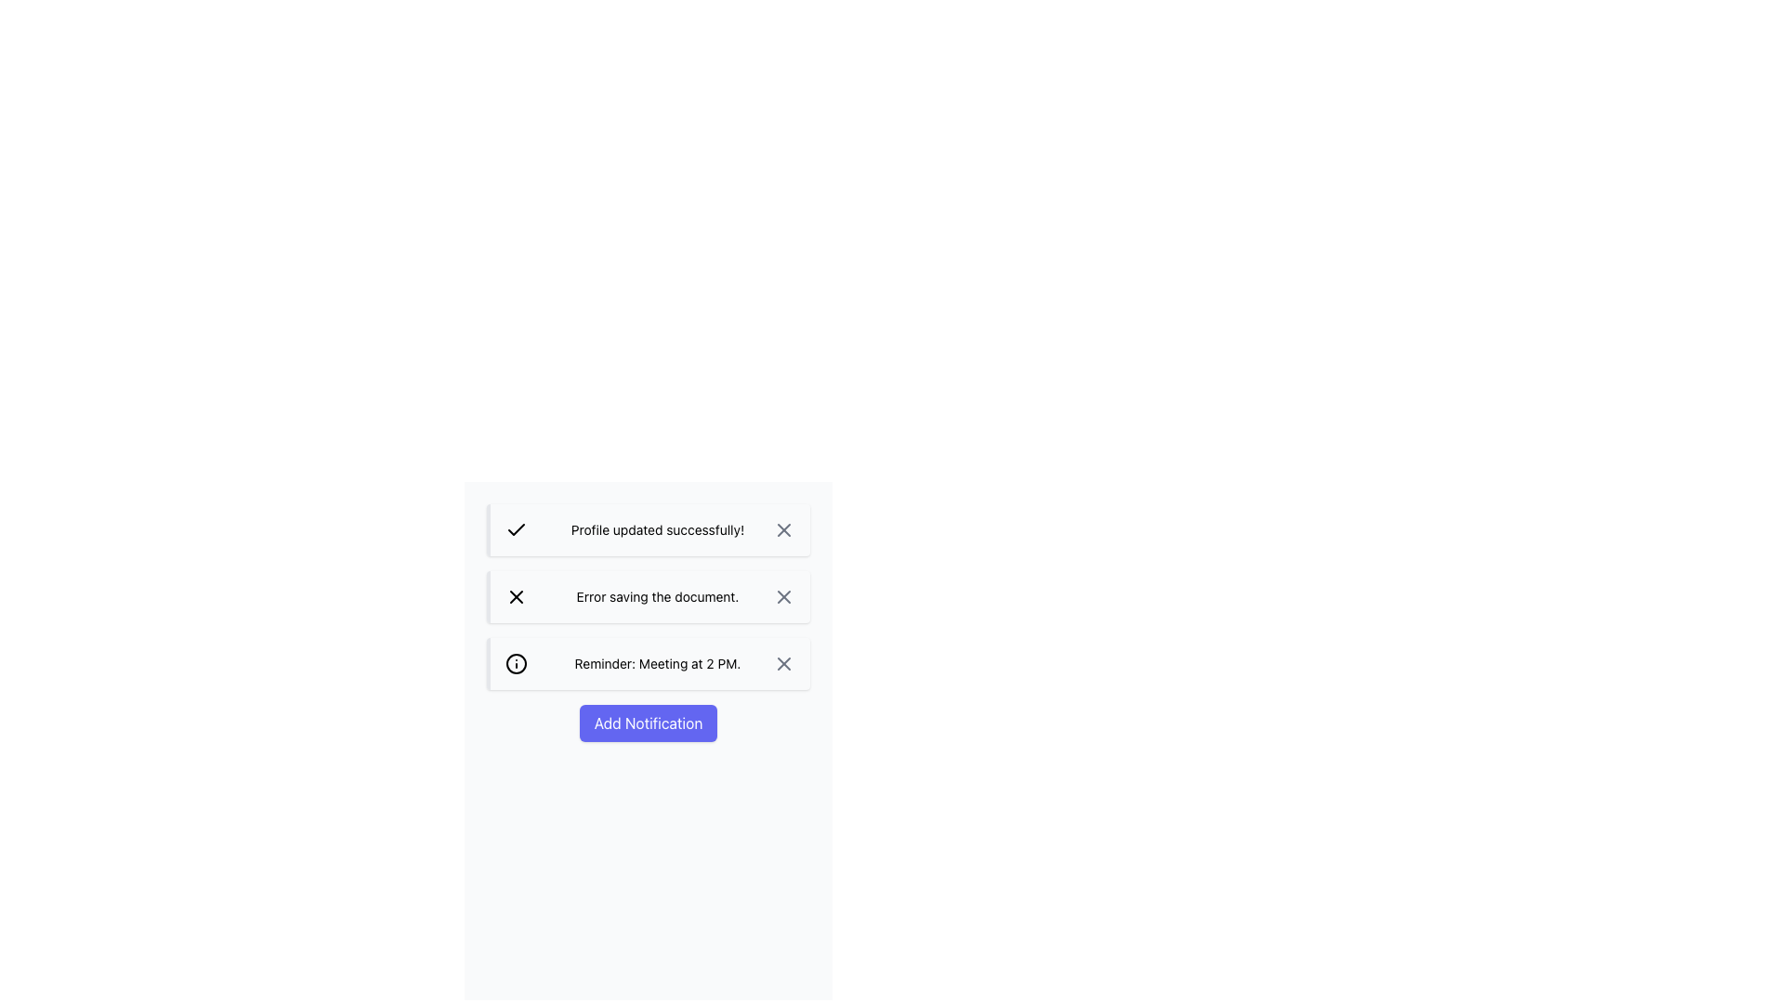  I want to click on the circular informational icon located on the left side of the notification card displaying 'Reminder: Meeting at 2 PM.', so click(517, 662).